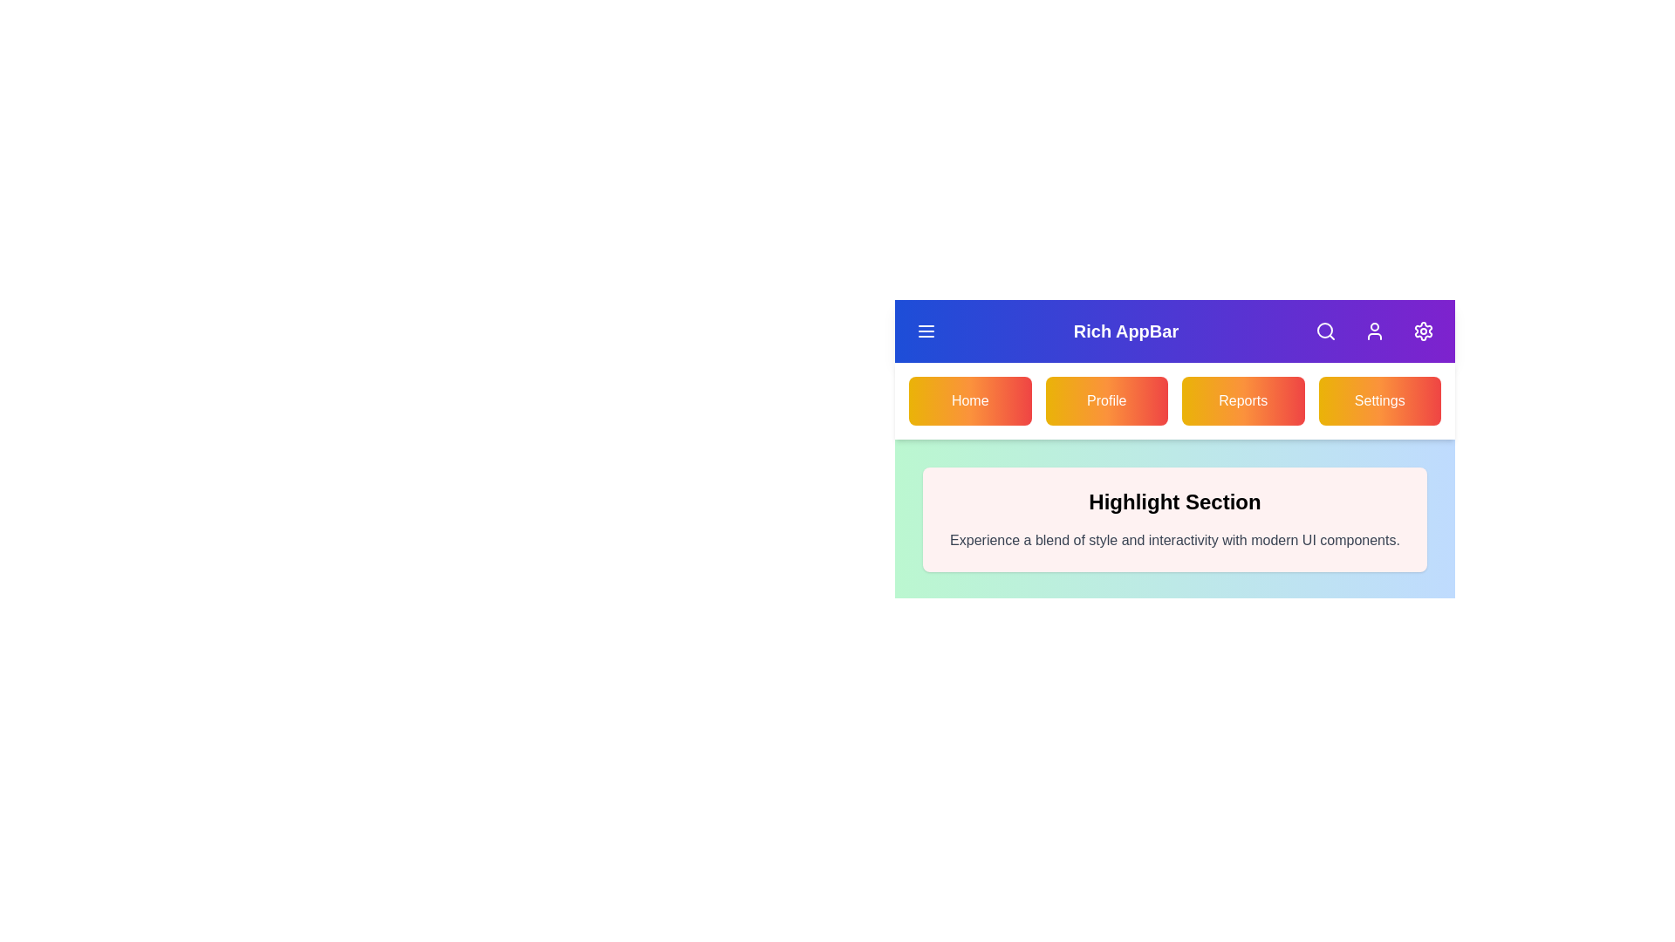 The height and width of the screenshot is (942, 1675). I want to click on the button labeled Settings to observe its hover effect, so click(1378, 400).